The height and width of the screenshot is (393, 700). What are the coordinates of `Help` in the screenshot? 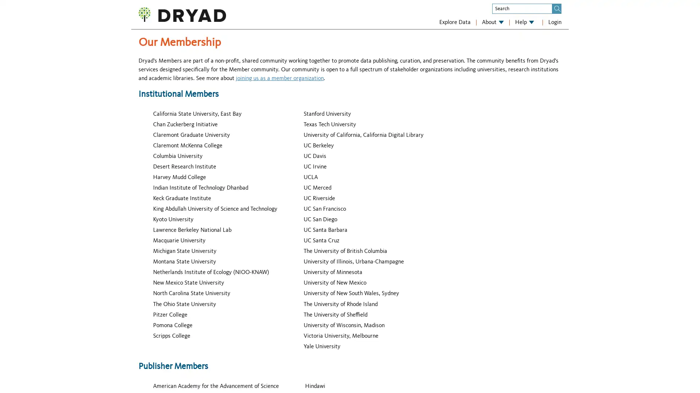 It's located at (524, 22).